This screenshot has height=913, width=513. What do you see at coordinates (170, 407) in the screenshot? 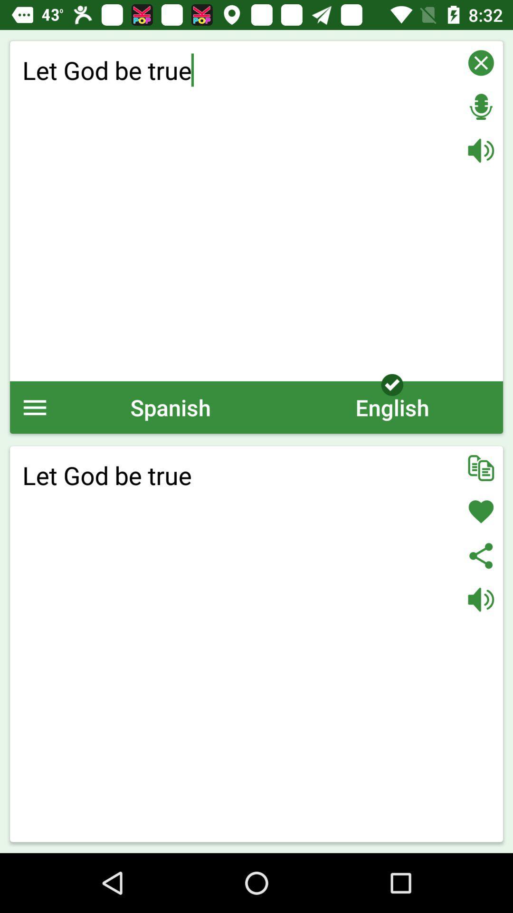
I see `icon below let god be icon` at bounding box center [170, 407].